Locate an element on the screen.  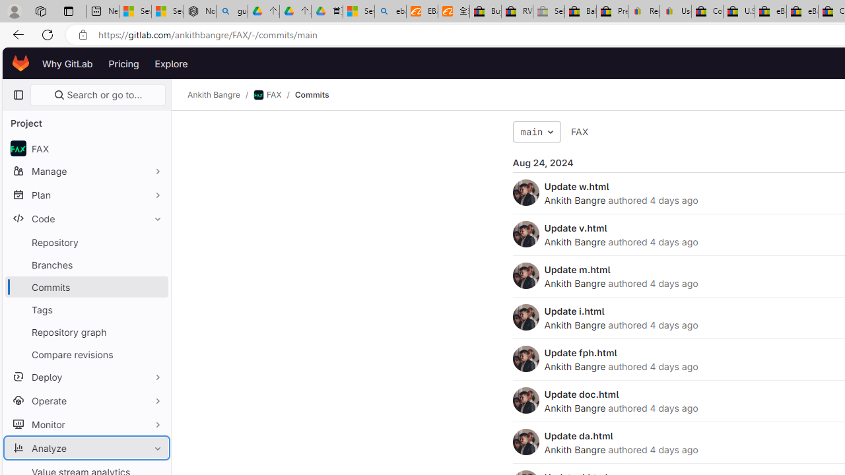
'Branches' is located at coordinates (86, 265).